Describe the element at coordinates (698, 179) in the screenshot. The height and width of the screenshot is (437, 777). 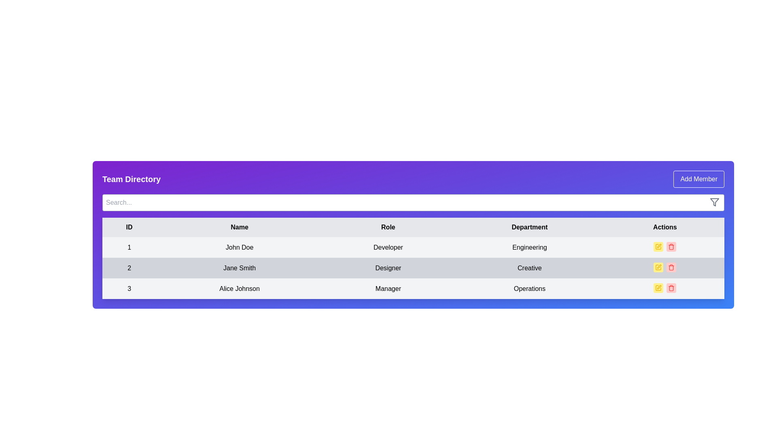
I see `the 'Add Member' button, which is a rectangular button with bold white text on a purple background and a white border, located in the top-right corner of the 'Team Directory' section` at that location.